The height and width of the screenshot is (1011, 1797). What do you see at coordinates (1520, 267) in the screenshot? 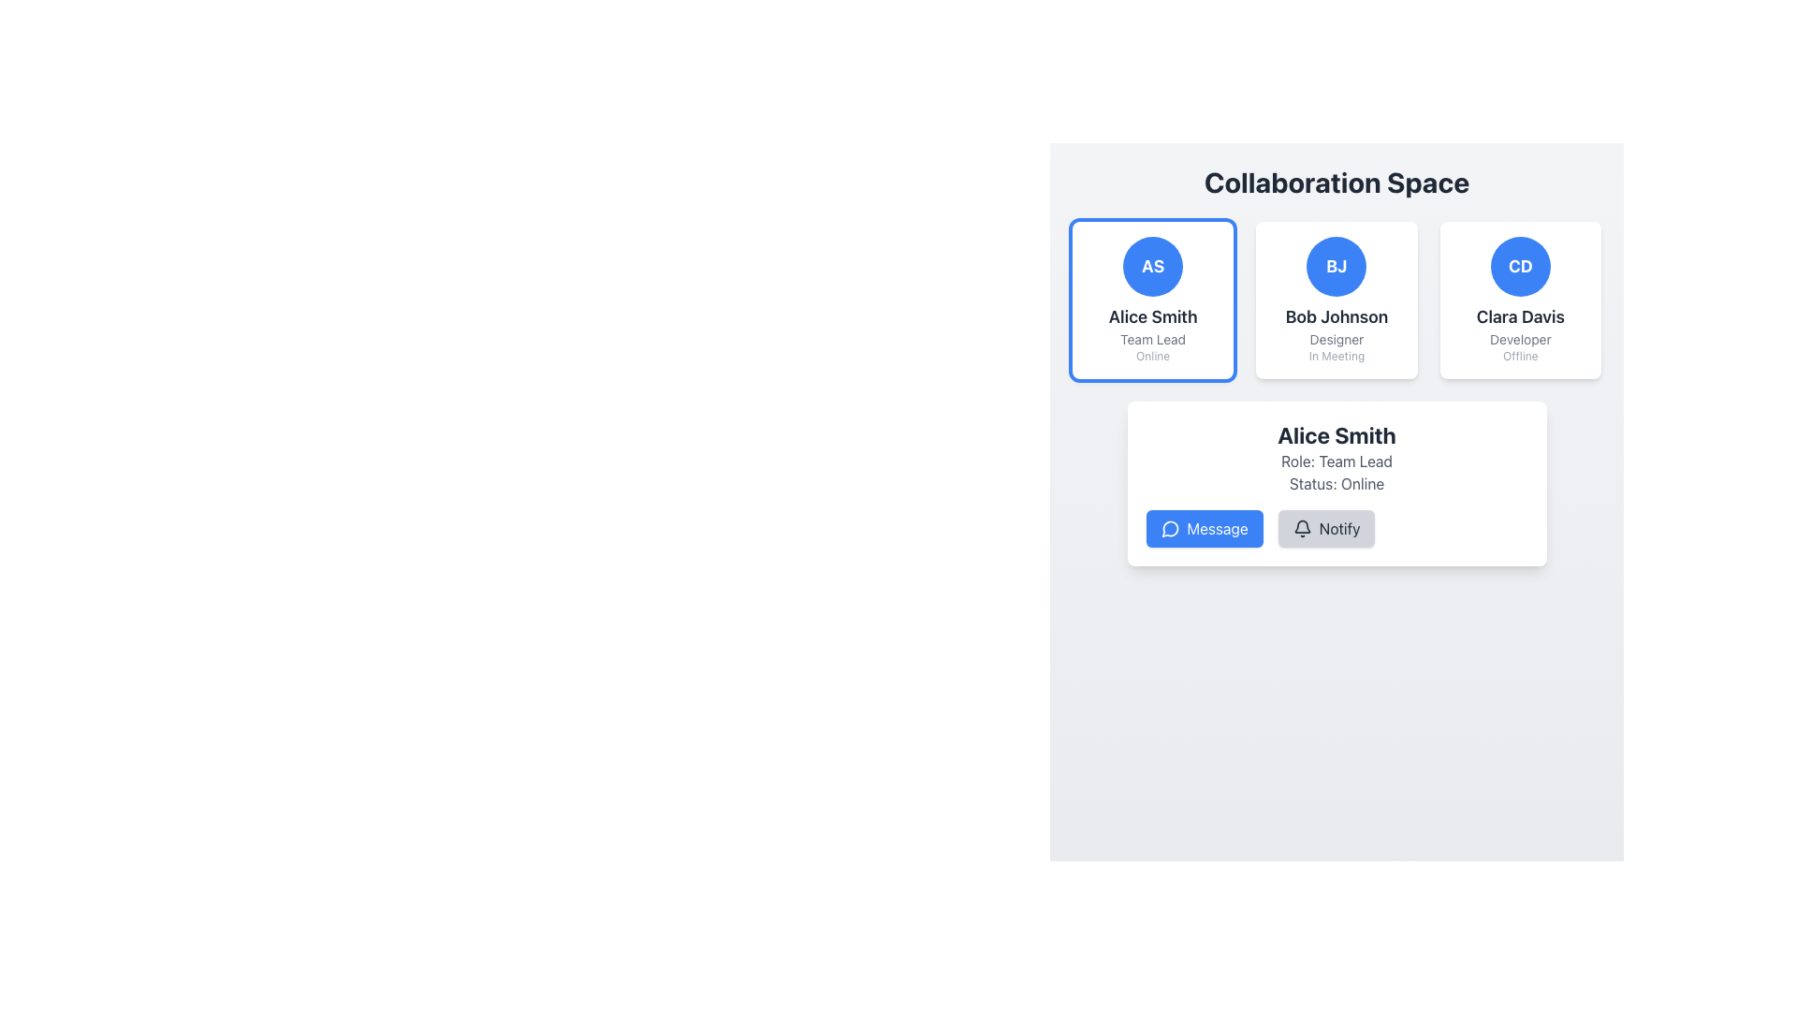
I see `the circular Avatar badge with a blue background and white 'CD' letters, which is located at the top-center of the user Clara Davis's card` at bounding box center [1520, 267].